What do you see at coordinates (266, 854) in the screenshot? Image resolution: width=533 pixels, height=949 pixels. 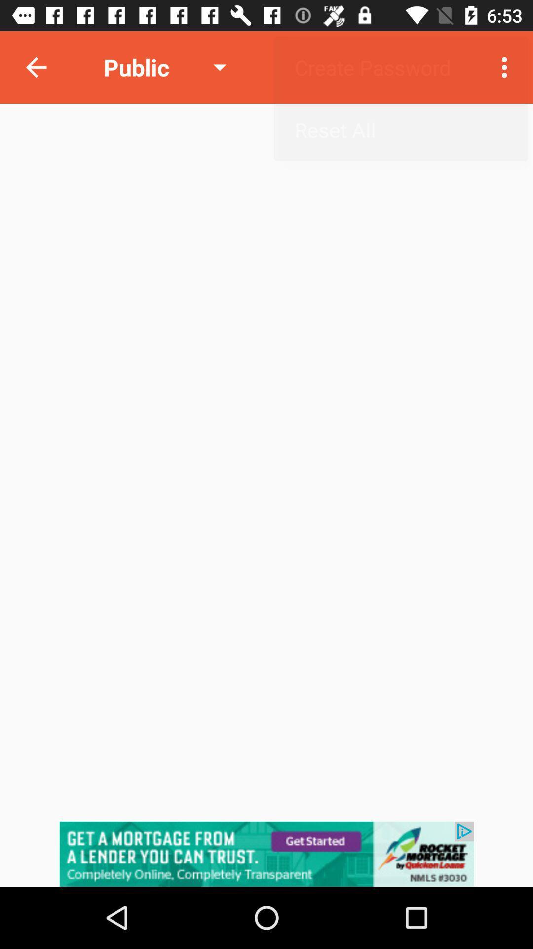 I see `the button is used to advertisement option` at bounding box center [266, 854].